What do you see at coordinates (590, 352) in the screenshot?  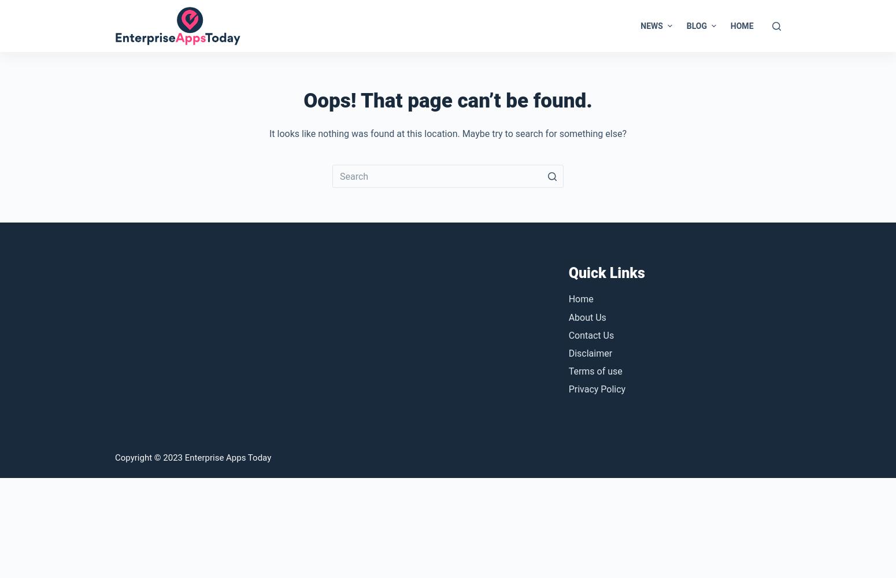 I see `'Disclaimer'` at bounding box center [590, 352].